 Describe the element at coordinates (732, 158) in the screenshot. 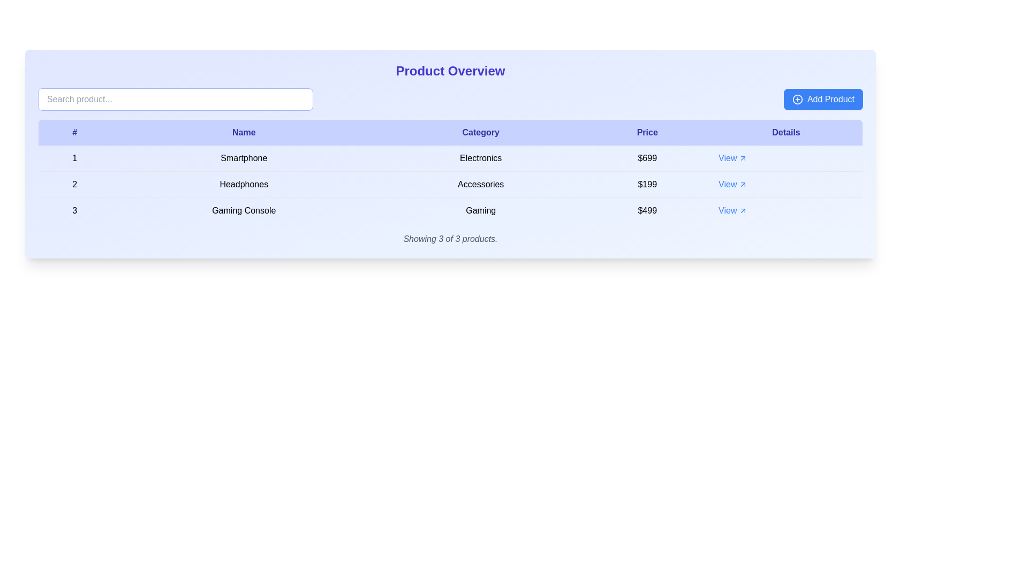

I see `the 'View' text link with an icon in the 'Details' column of the table for the 'Smartphone' product entry` at that location.